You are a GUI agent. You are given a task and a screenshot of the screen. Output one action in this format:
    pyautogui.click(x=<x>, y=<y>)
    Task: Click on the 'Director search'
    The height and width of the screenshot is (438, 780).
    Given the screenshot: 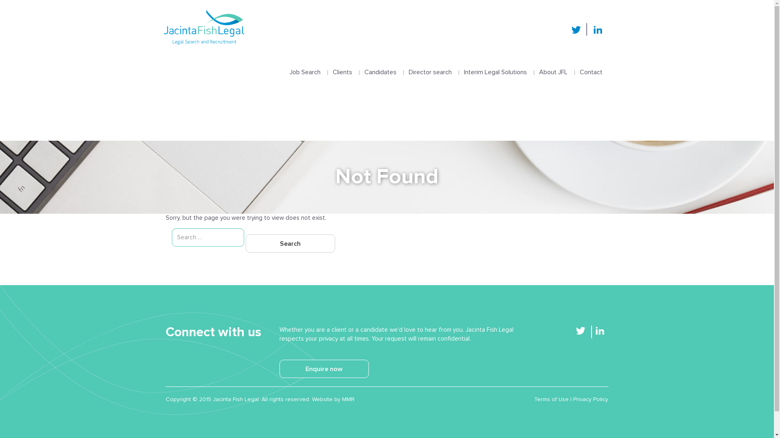 What is the action you would take?
    pyautogui.click(x=429, y=64)
    